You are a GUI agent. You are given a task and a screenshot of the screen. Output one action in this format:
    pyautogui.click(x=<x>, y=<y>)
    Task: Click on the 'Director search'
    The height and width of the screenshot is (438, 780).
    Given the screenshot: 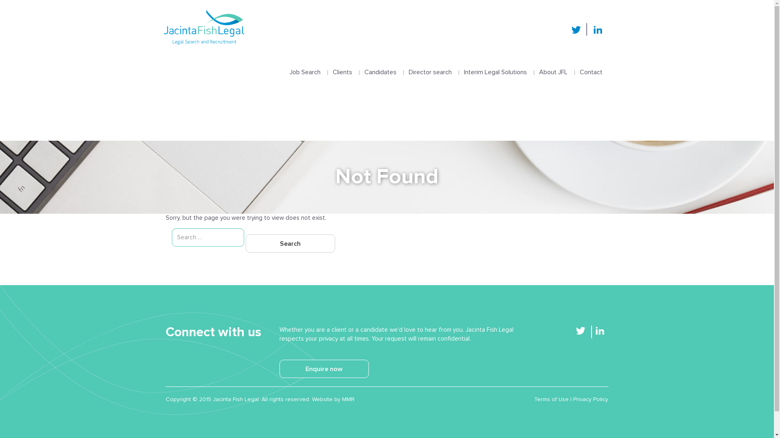 What is the action you would take?
    pyautogui.click(x=429, y=64)
    